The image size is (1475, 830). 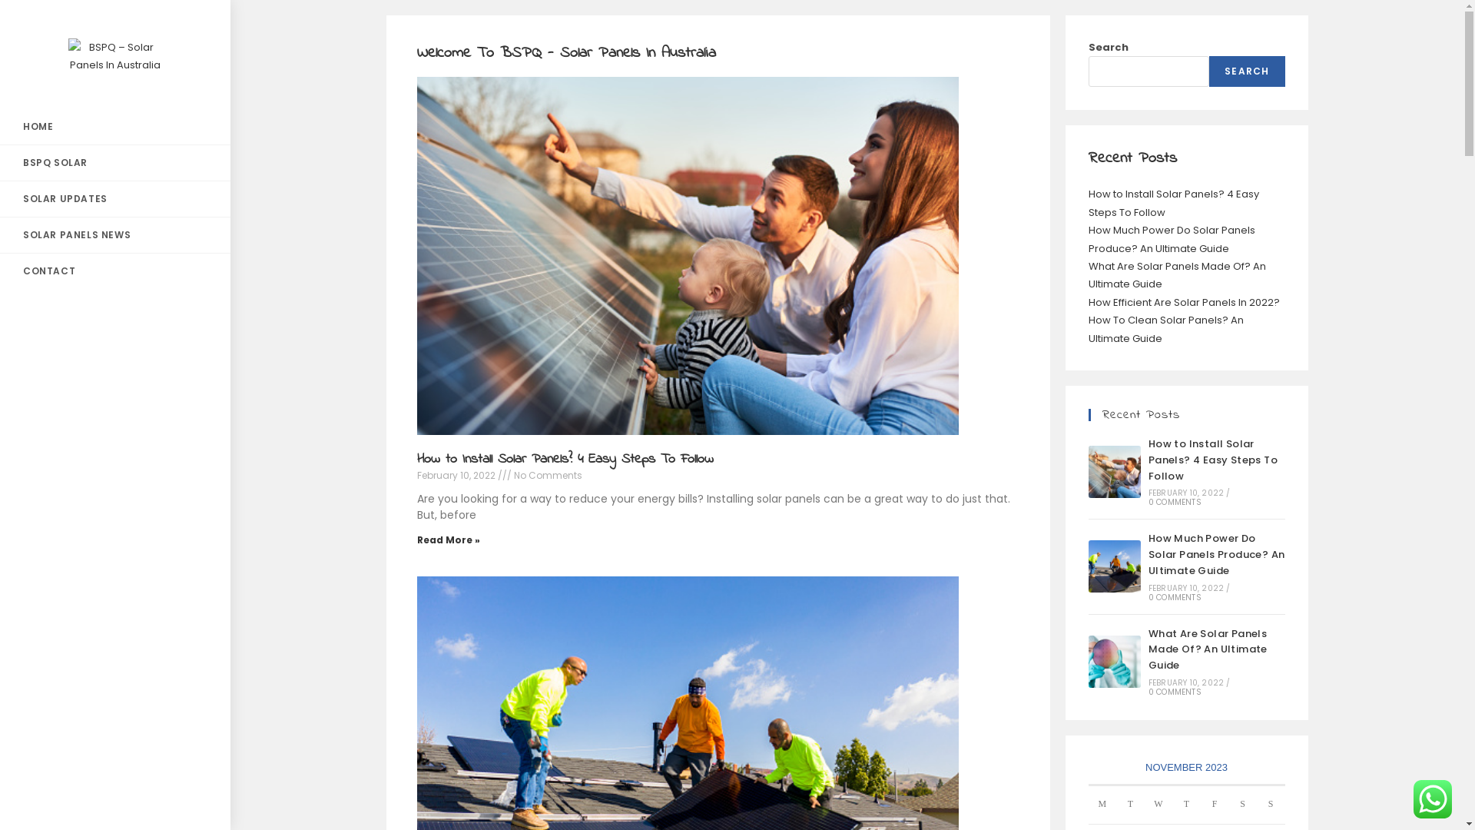 What do you see at coordinates (1087, 239) in the screenshot?
I see `'How Much Power Do Solar Panels Produce? An Ultimate Guide'` at bounding box center [1087, 239].